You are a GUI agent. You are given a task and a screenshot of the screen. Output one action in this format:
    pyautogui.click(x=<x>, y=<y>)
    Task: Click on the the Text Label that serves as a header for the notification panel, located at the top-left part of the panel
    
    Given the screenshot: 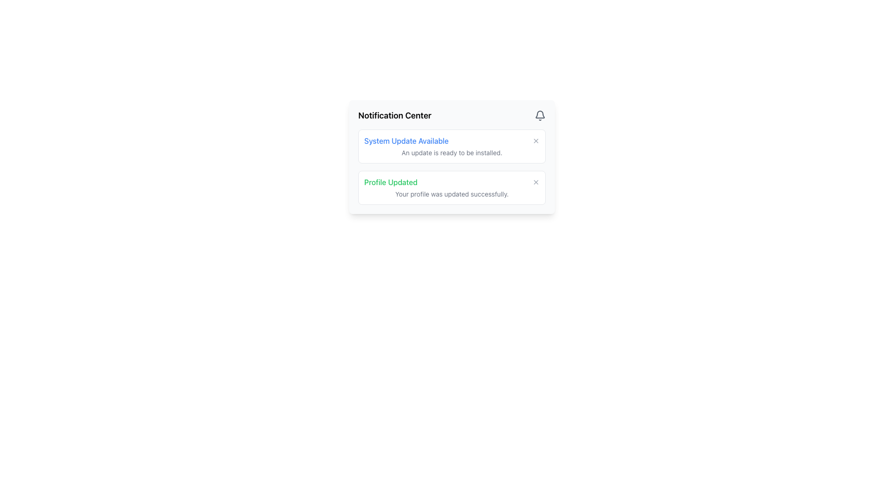 What is the action you would take?
    pyautogui.click(x=395, y=115)
    